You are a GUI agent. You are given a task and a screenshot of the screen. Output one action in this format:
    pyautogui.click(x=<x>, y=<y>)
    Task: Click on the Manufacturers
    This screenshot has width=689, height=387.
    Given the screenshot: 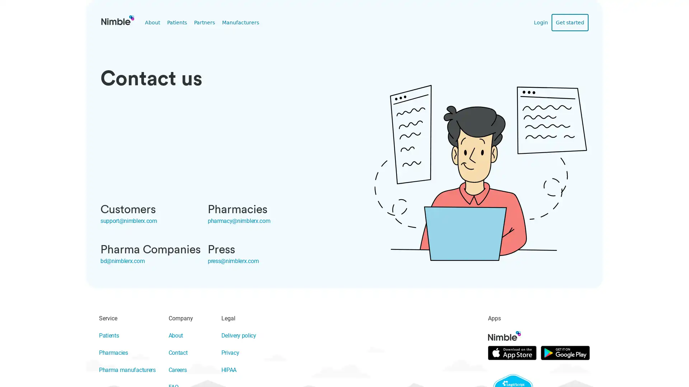 What is the action you would take?
    pyautogui.click(x=234, y=21)
    